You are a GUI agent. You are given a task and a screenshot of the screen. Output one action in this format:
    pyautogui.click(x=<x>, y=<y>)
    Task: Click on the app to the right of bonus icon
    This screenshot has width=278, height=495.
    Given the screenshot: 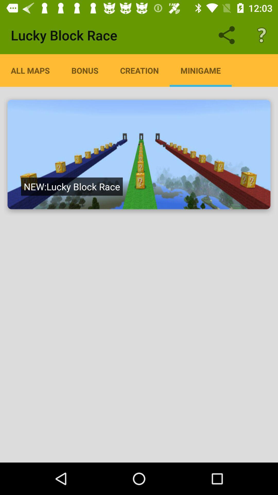 What is the action you would take?
    pyautogui.click(x=139, y=70)
    